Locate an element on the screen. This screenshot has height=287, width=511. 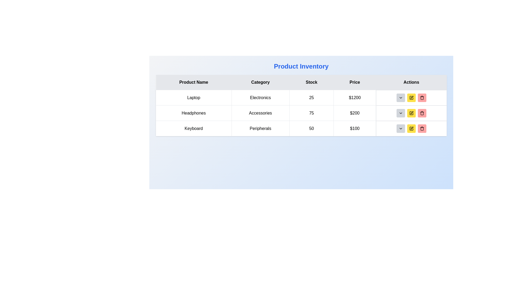
the yellow button with rounded edges and a black pencil icon located in the second position under the 'Actions' column of the 'Product Inventory' table is located at coordinates (411, 113).